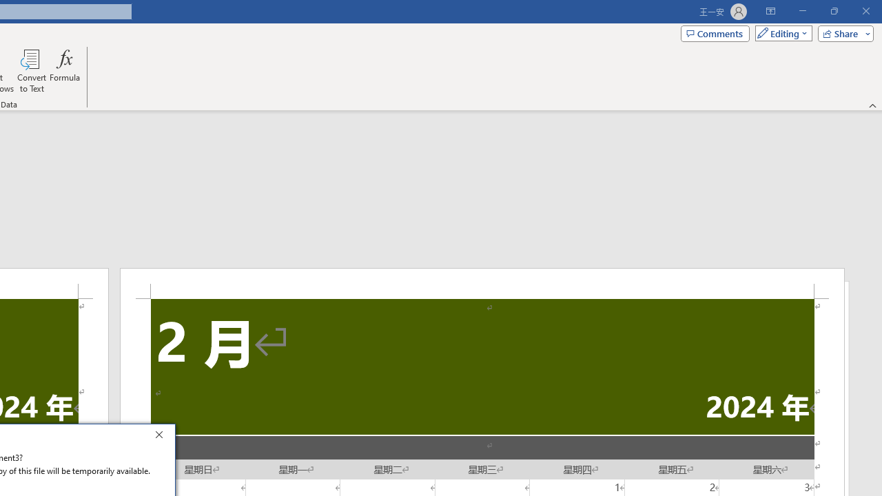  Describe the element at coordinates (770, 11) in the screenshot. I see `'Ribbon Display Options'` at that location.